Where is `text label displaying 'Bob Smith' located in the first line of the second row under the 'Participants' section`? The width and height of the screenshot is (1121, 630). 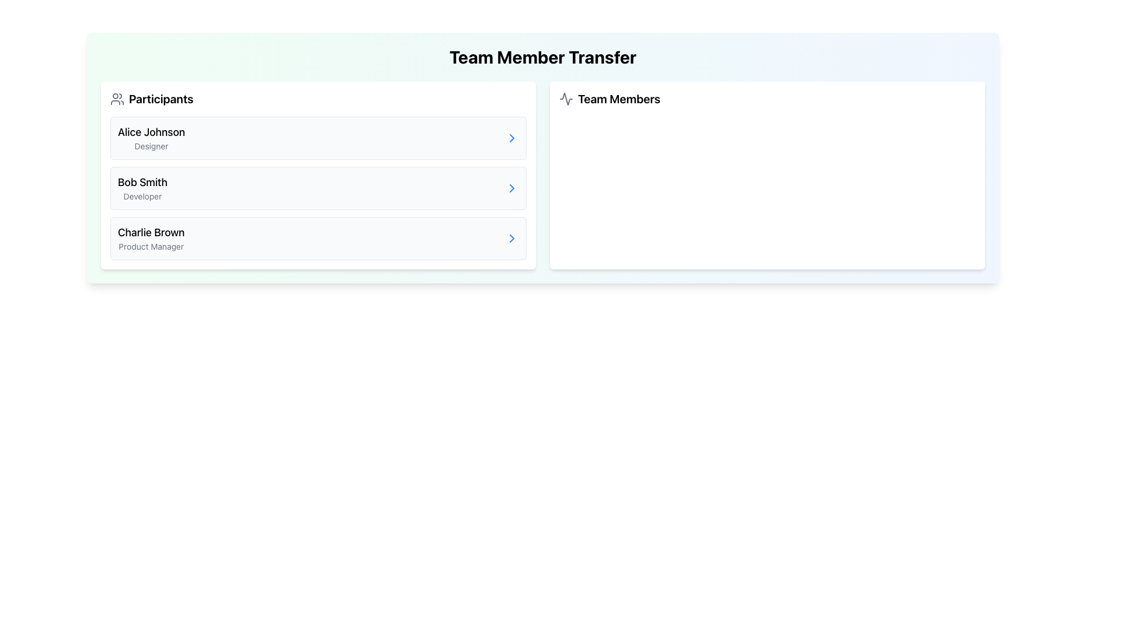 text label displaying 'Bob Smith' located in the first line of the second row under the 'Participants' section is located at coordinates (142, 182).